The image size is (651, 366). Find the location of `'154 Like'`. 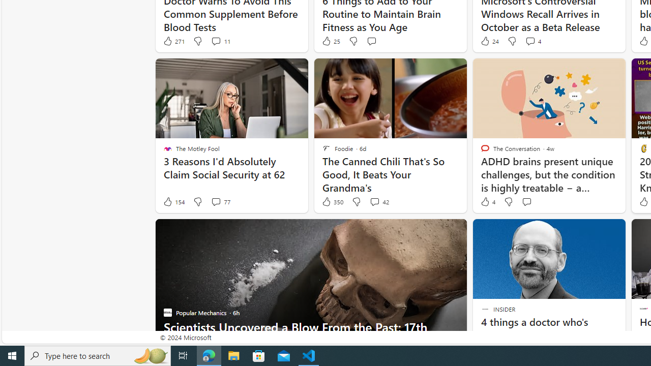

'154 Like' is located at coordinates (173, 202).